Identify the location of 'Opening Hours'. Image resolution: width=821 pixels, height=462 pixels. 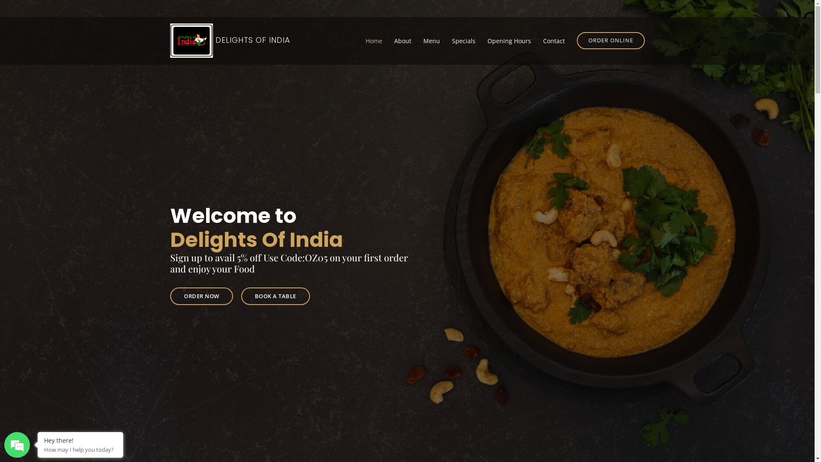
(509, 40).